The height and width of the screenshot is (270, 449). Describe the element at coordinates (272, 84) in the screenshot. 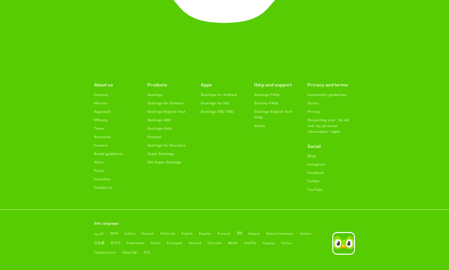

I see `'Help and support'` at that location.